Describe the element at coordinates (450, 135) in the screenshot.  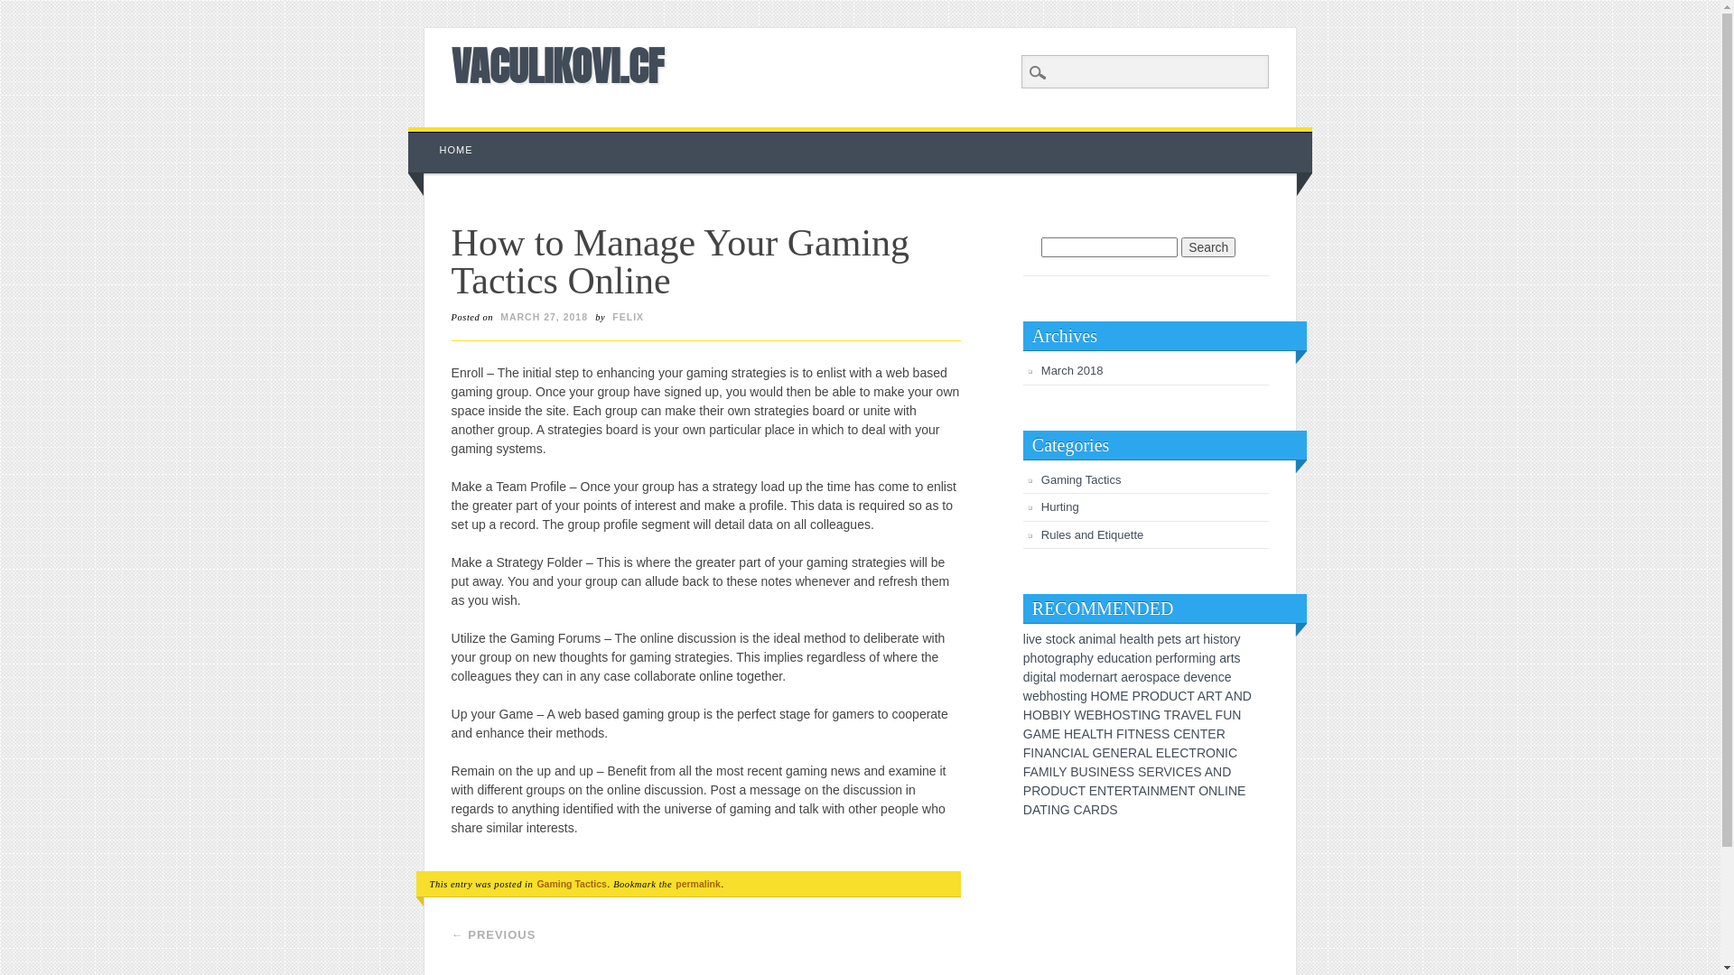
I see `'Skip to content'` at that location.